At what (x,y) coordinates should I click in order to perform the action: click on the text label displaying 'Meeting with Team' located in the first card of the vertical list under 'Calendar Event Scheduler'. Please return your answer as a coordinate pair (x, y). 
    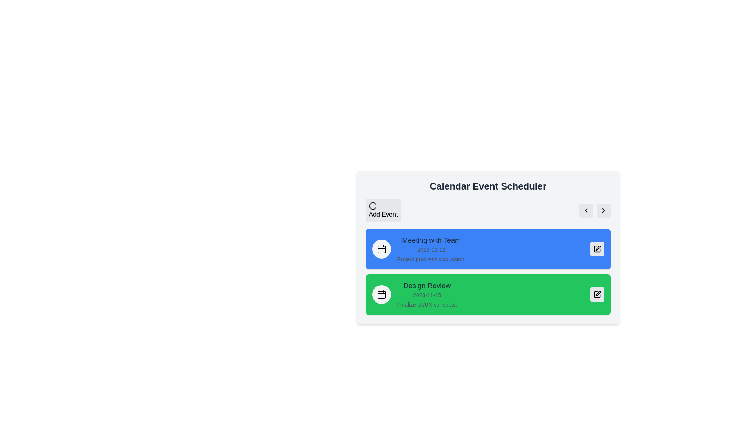
    Looking at the image, I should click on (431, 240).